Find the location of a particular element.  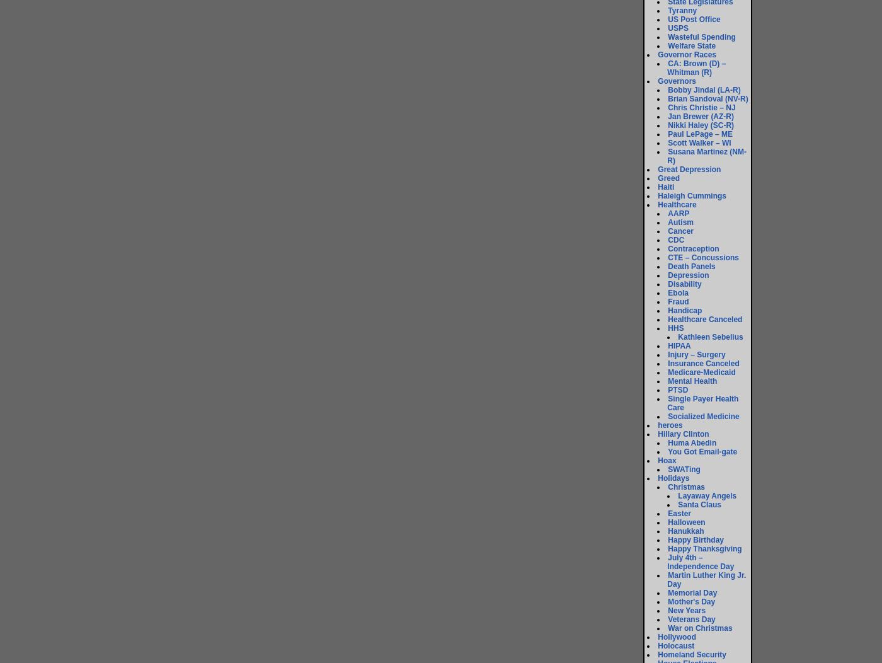

'Holidays' is located at coordinates (673, 478).